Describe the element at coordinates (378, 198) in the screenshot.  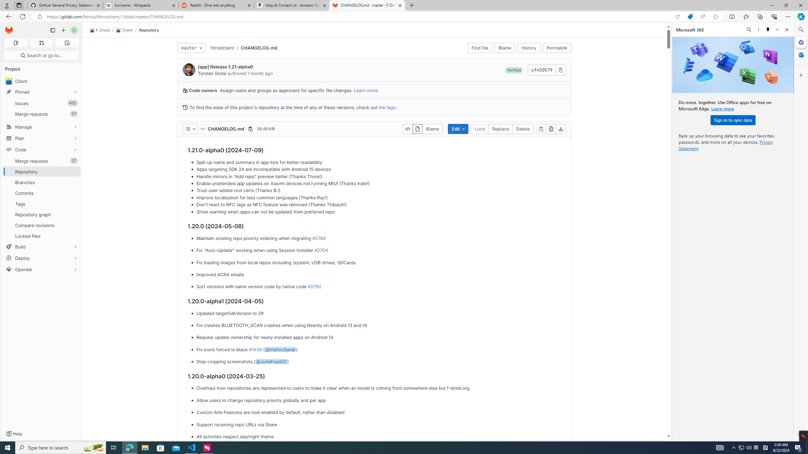
I see `'Improve localization for less common languages (Thanks Ray!)'` at that location.